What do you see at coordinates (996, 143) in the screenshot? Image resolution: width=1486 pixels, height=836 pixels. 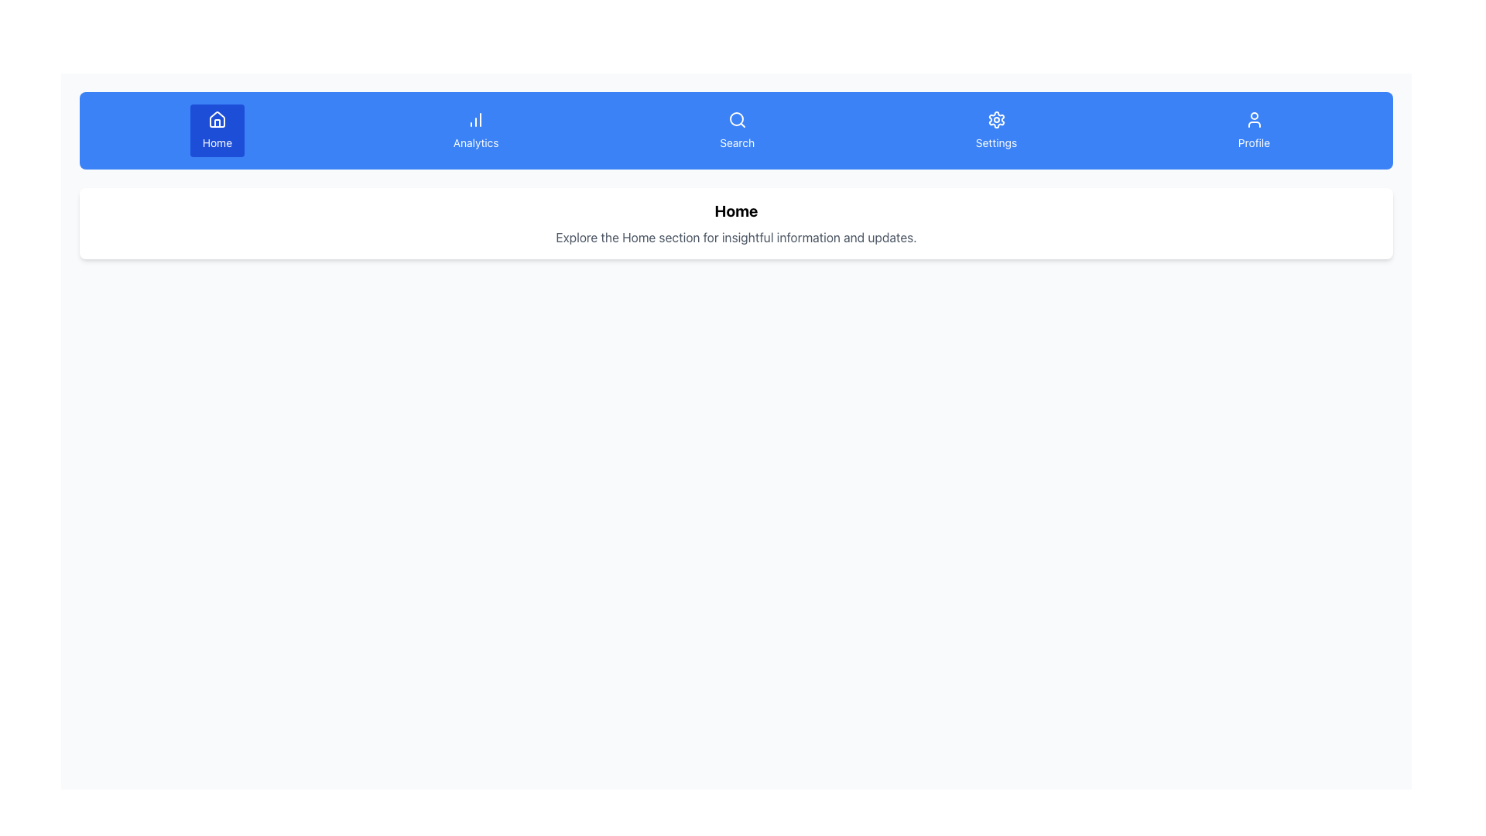 I see `the text label that describes the settings button associated with the gear icon located towards the upper right of the navigation options bar` at bounding box center [996, 143].